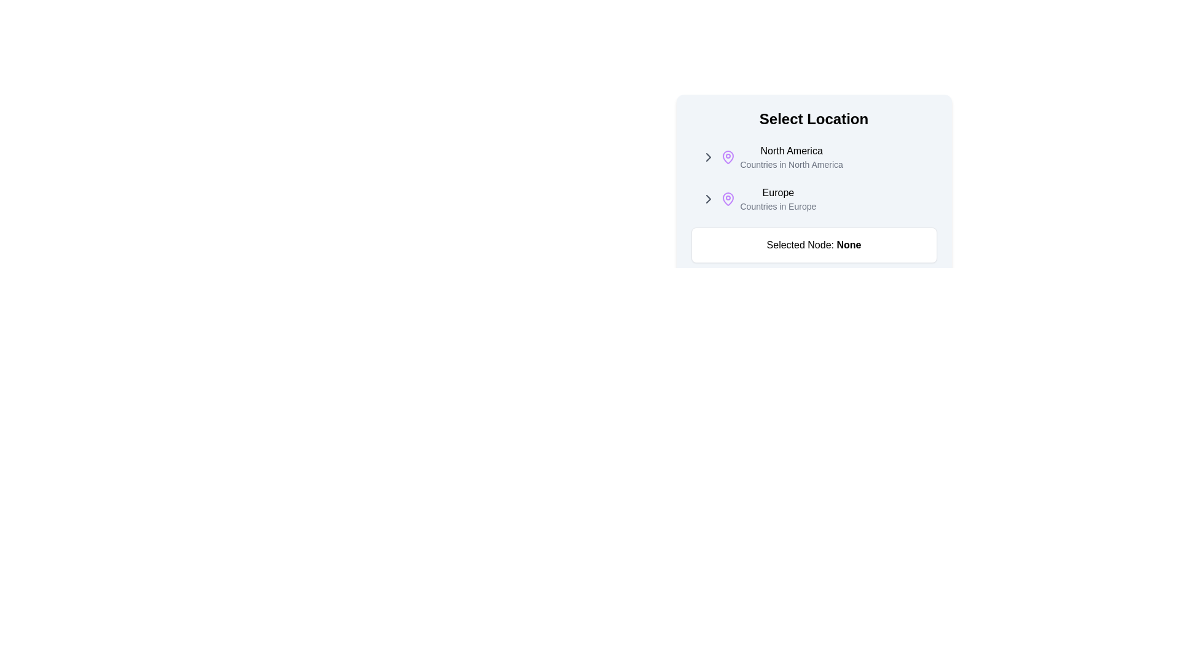 Image resolution: width=1180 pixels, height=664 pixels. Describe the element at coordinates (708, 199) in the screenshot. I see `the design of the 'Europe' icon which indicates that the option can be expanded for more details` at that location.